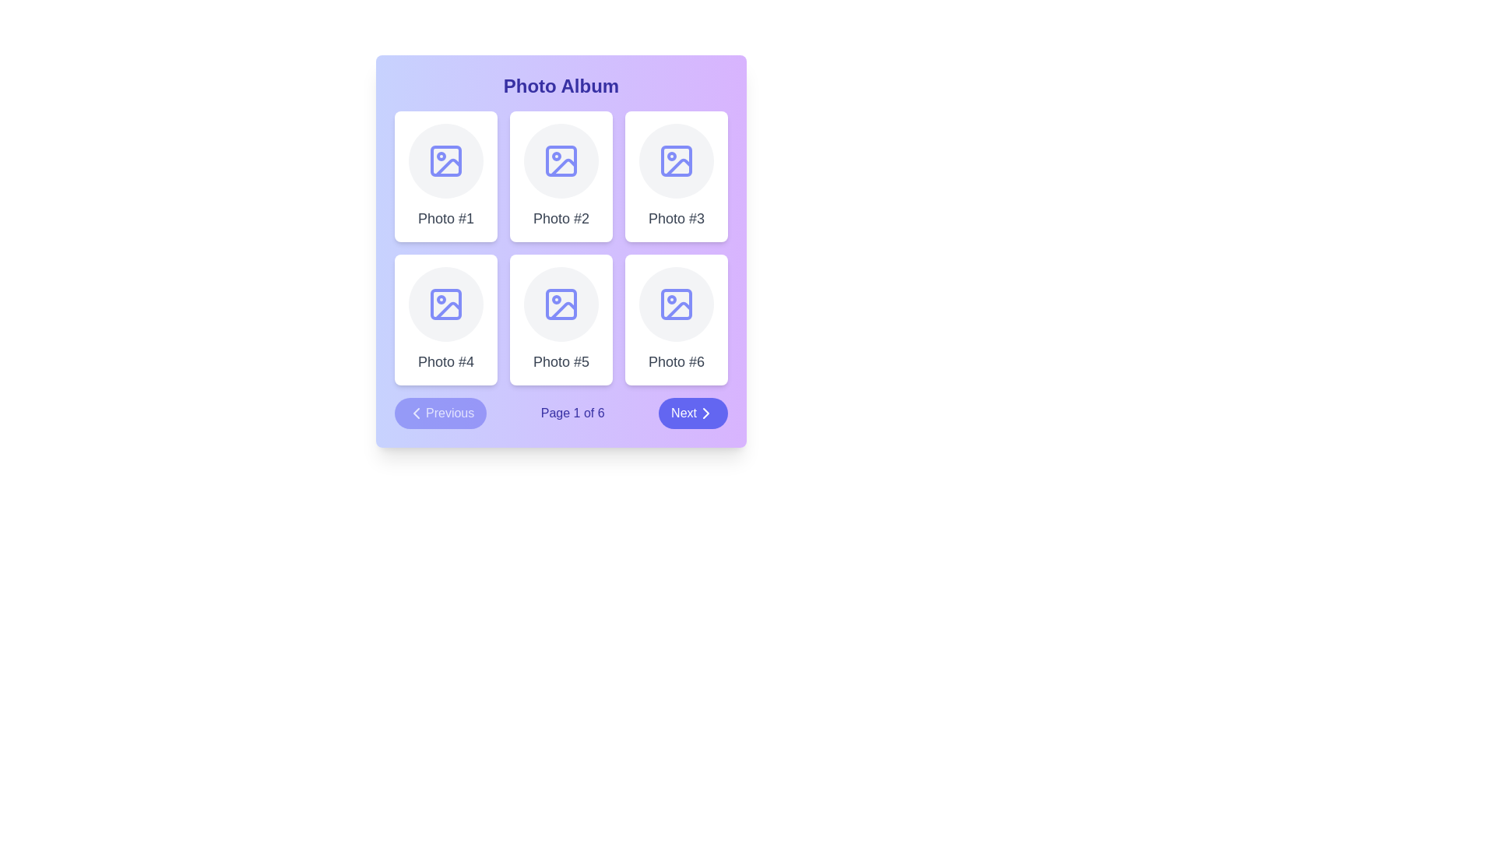  I want to click on the text label that identifies the sixth photo thumbnail in the photo album layout, located at the bottom-right corner of the grid, so click(676, 362).